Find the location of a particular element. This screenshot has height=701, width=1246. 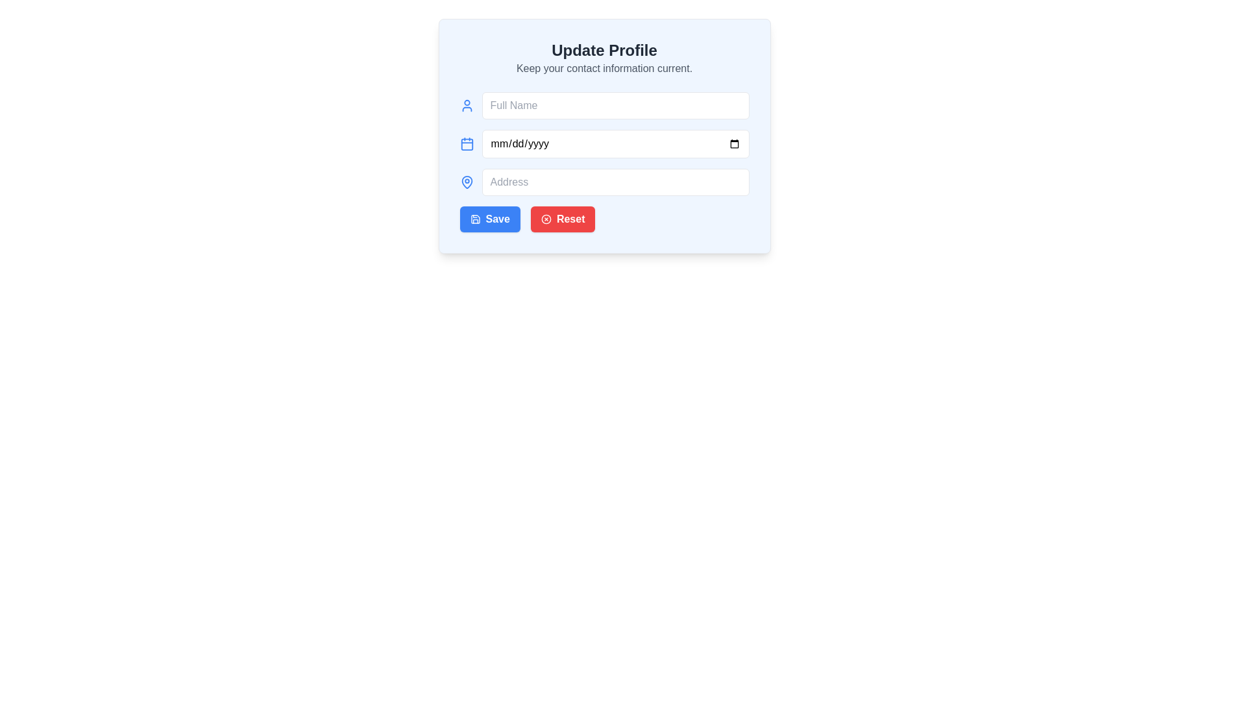

the address input field, which is the third input field from the top, located below the 'Full Name' and 'Date of Birth' fields, to provide visual feedback is located at coordinates (604, 182).